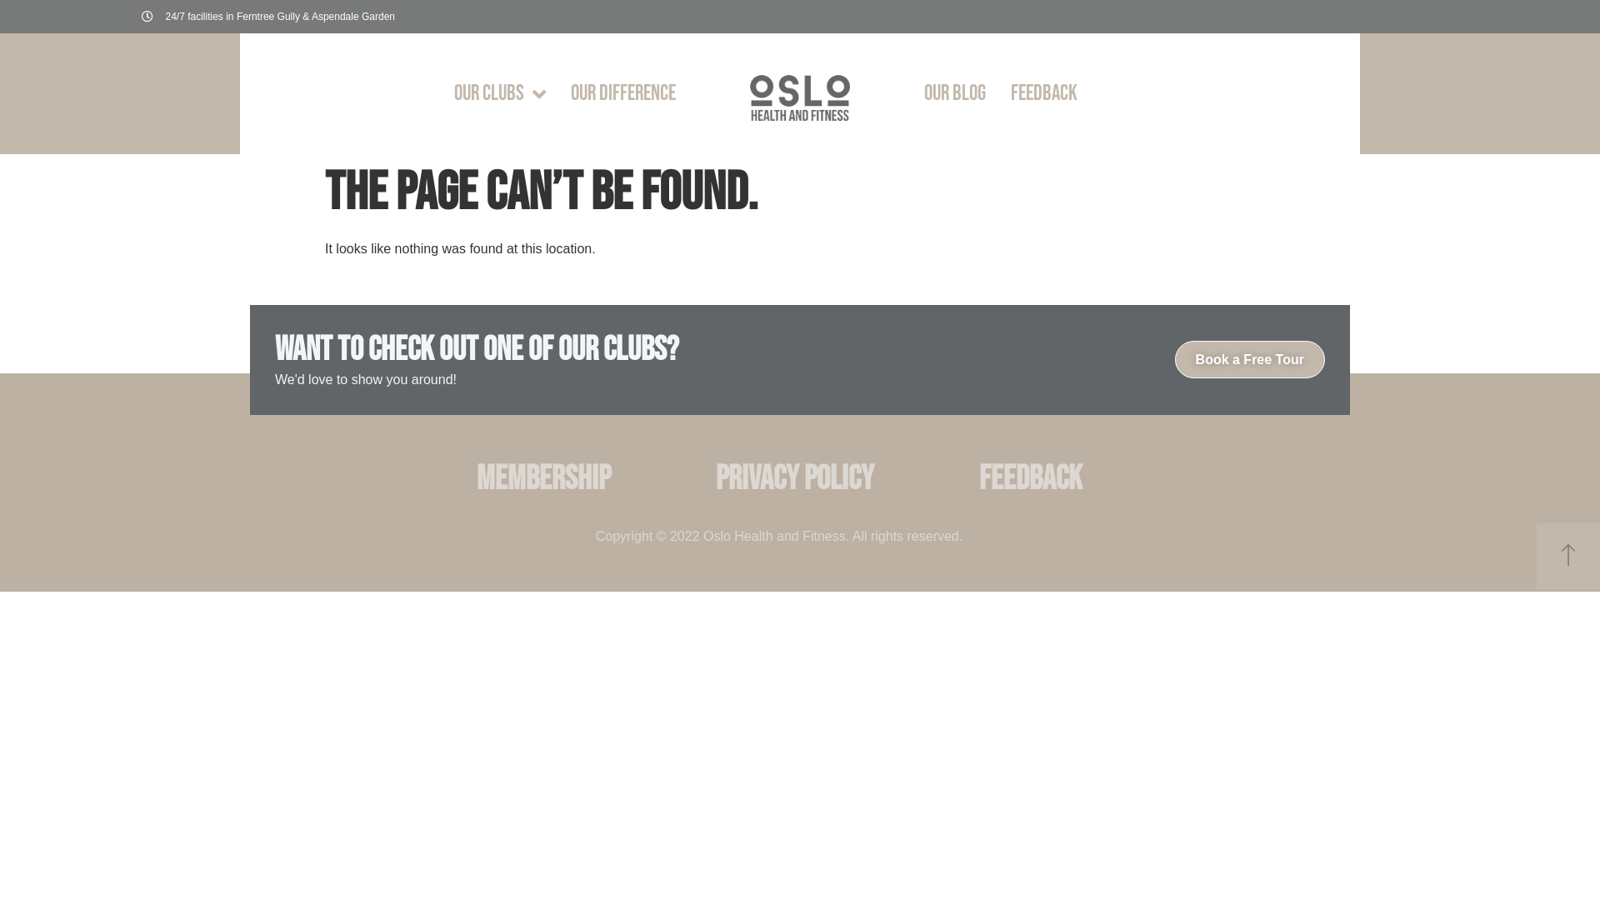  I want to click on 'Book a Free Tour', so click(1249, 358).